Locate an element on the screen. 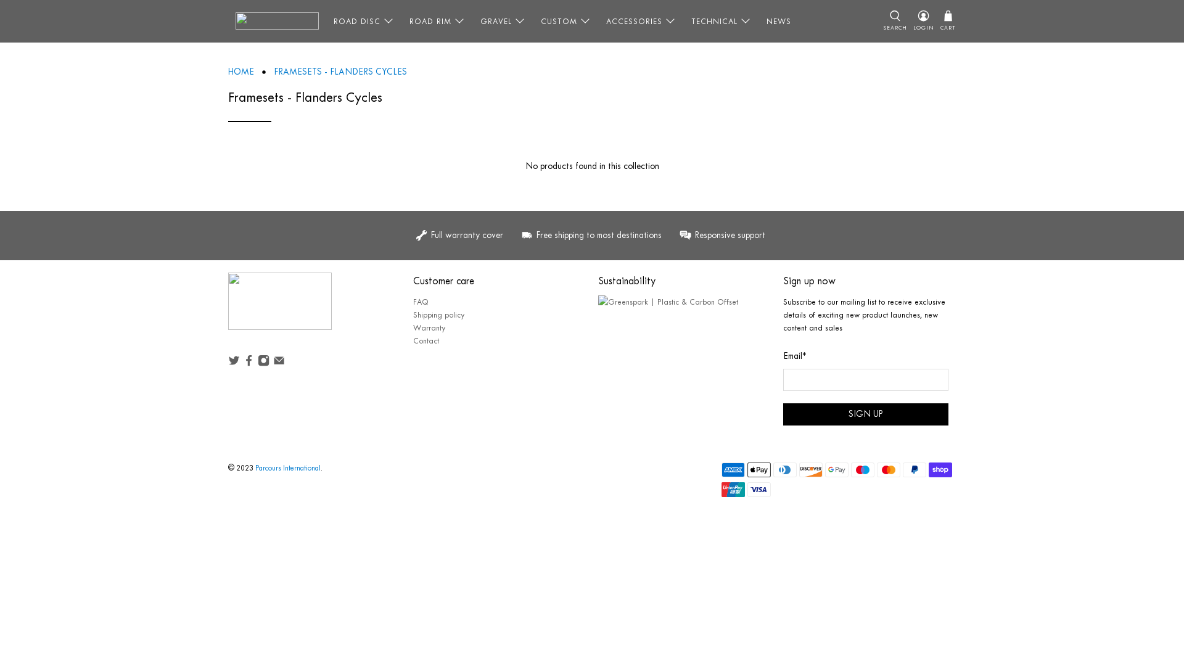 This screenshot has height=666, width=1184. 'LOGIN' is located at coordinates (910, 21).